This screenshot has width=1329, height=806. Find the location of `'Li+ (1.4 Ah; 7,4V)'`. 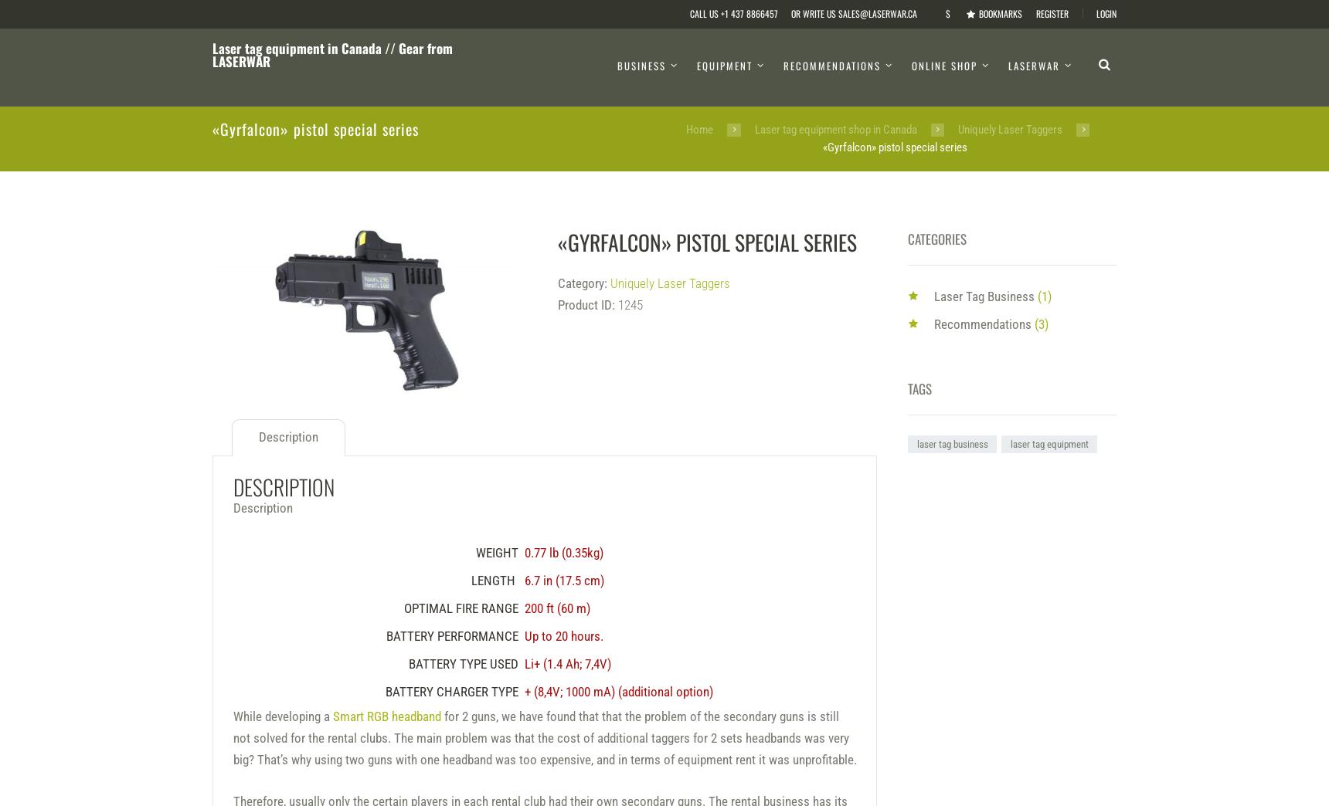

'Li+ (1.4 Ah; 7,4V)' is located at coordinates (524, 664).